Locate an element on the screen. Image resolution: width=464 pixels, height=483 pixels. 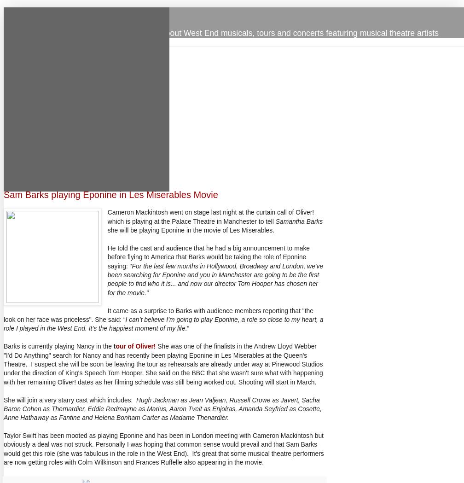
'I can’t believe I’m going to play Eponine, a role so close to  my heart, a role I played in the West End. It’s the happiest moment of  my life.' is located at coordinates (163, 324).